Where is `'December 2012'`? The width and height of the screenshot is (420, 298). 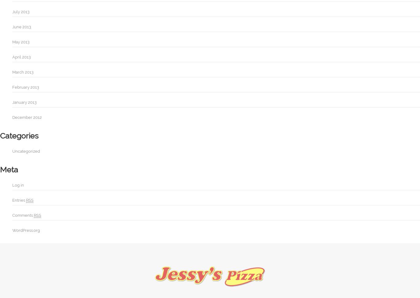
'December 2012' is located at coordinates (12, 117).